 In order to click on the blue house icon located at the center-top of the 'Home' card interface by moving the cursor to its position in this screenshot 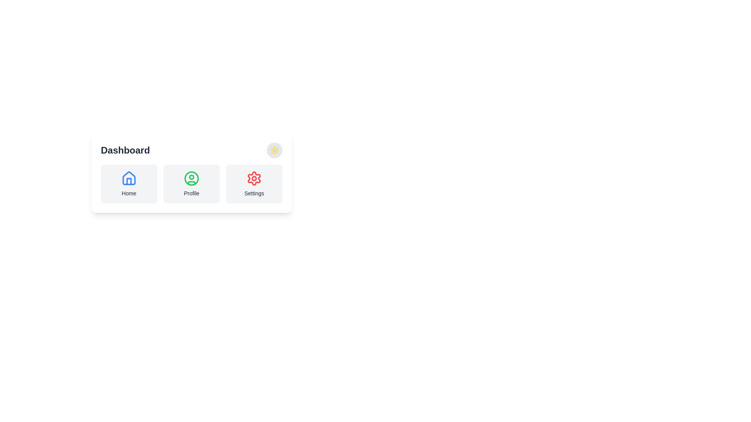, I will do `click(129, 178)`.